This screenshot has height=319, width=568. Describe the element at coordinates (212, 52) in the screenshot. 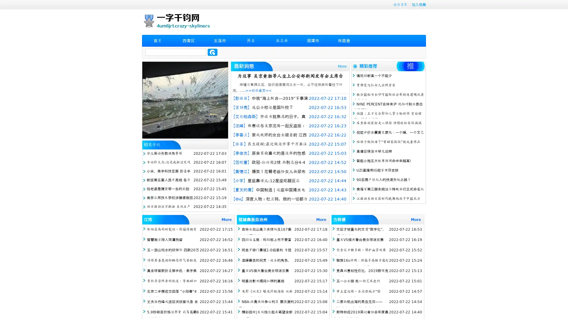

I see `Search` at that location.